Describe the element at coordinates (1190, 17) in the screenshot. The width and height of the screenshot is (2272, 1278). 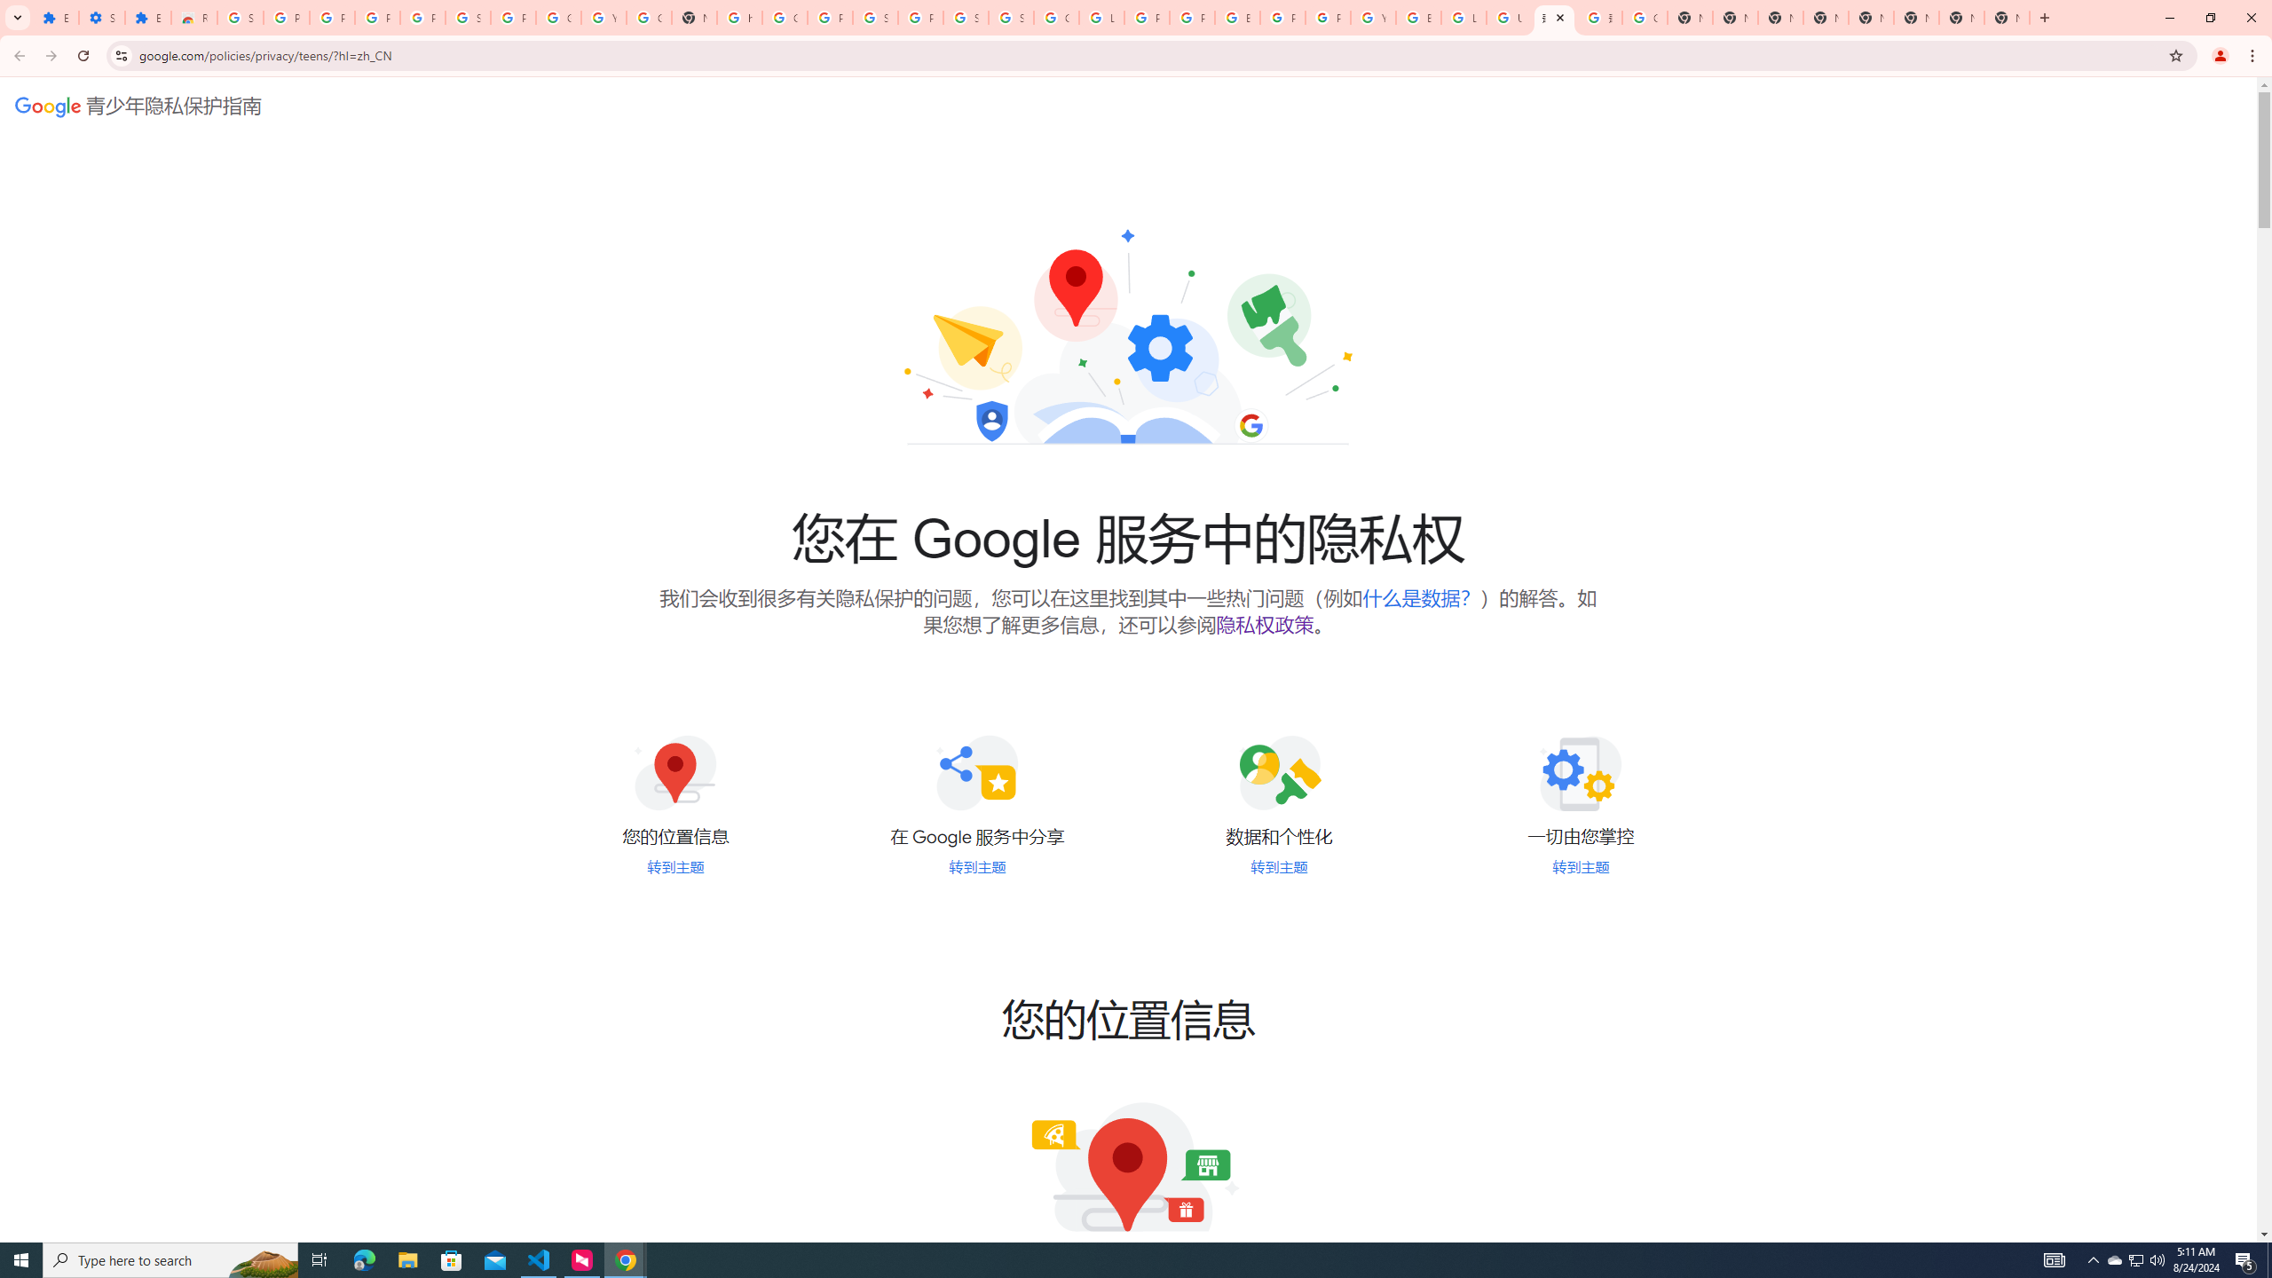
I see `'Privacy Help Center - Policies Help'` at that location.